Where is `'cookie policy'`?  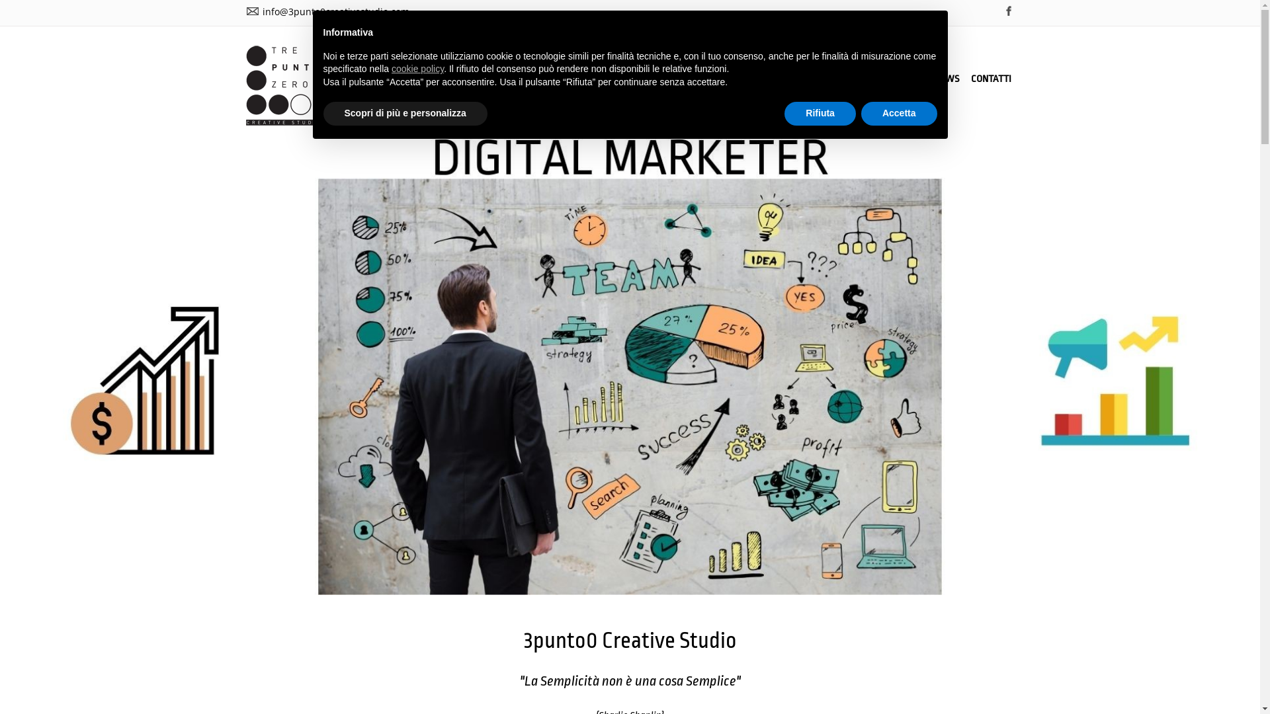 'cookie policy' is located at coordinates (417, 69).